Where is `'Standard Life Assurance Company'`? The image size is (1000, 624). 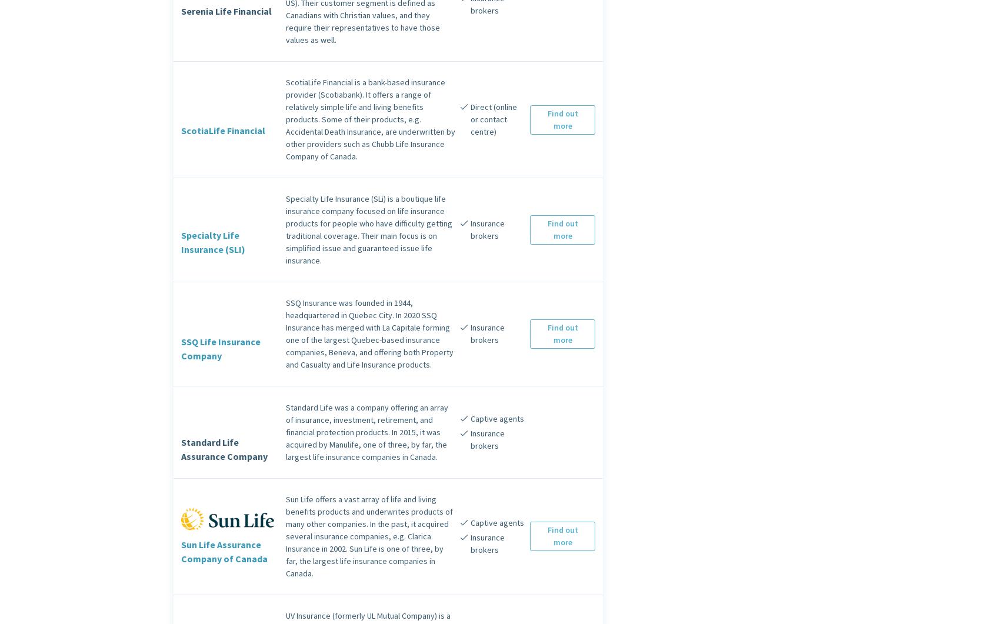 'Standard Life Assurance Company' is located at coordinates (224, 448).